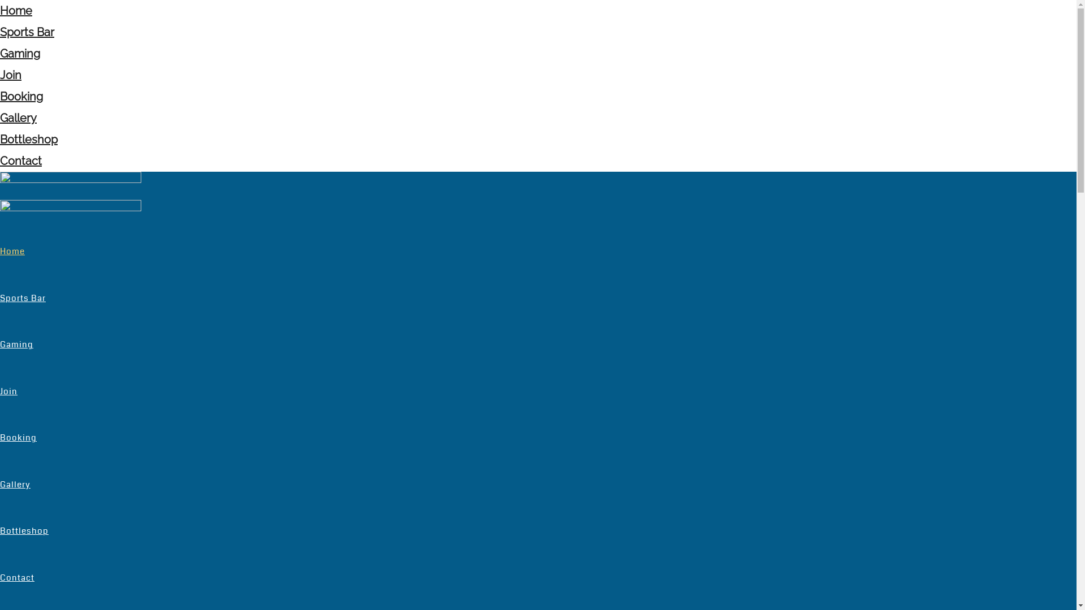 The width and height of the screenshot is (1085, 610). Describe the element at coordinates (18, 117) in the screenshot. I see `'Gallery'` at that location.